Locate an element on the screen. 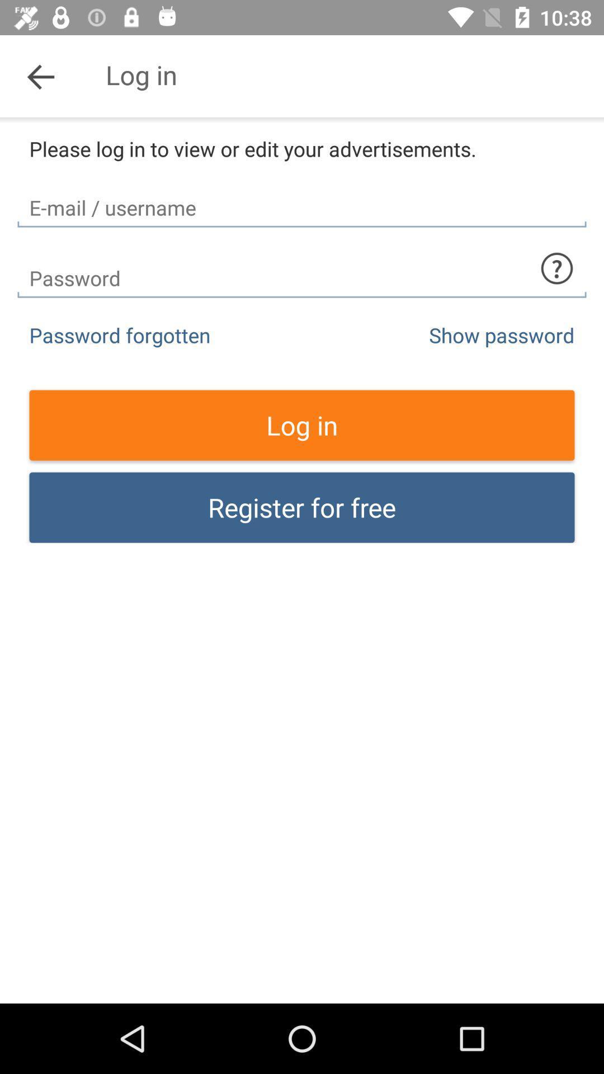 The height and width of the screenshot is (1074, 604). item above the log in item is located at coordinates (501, 335).